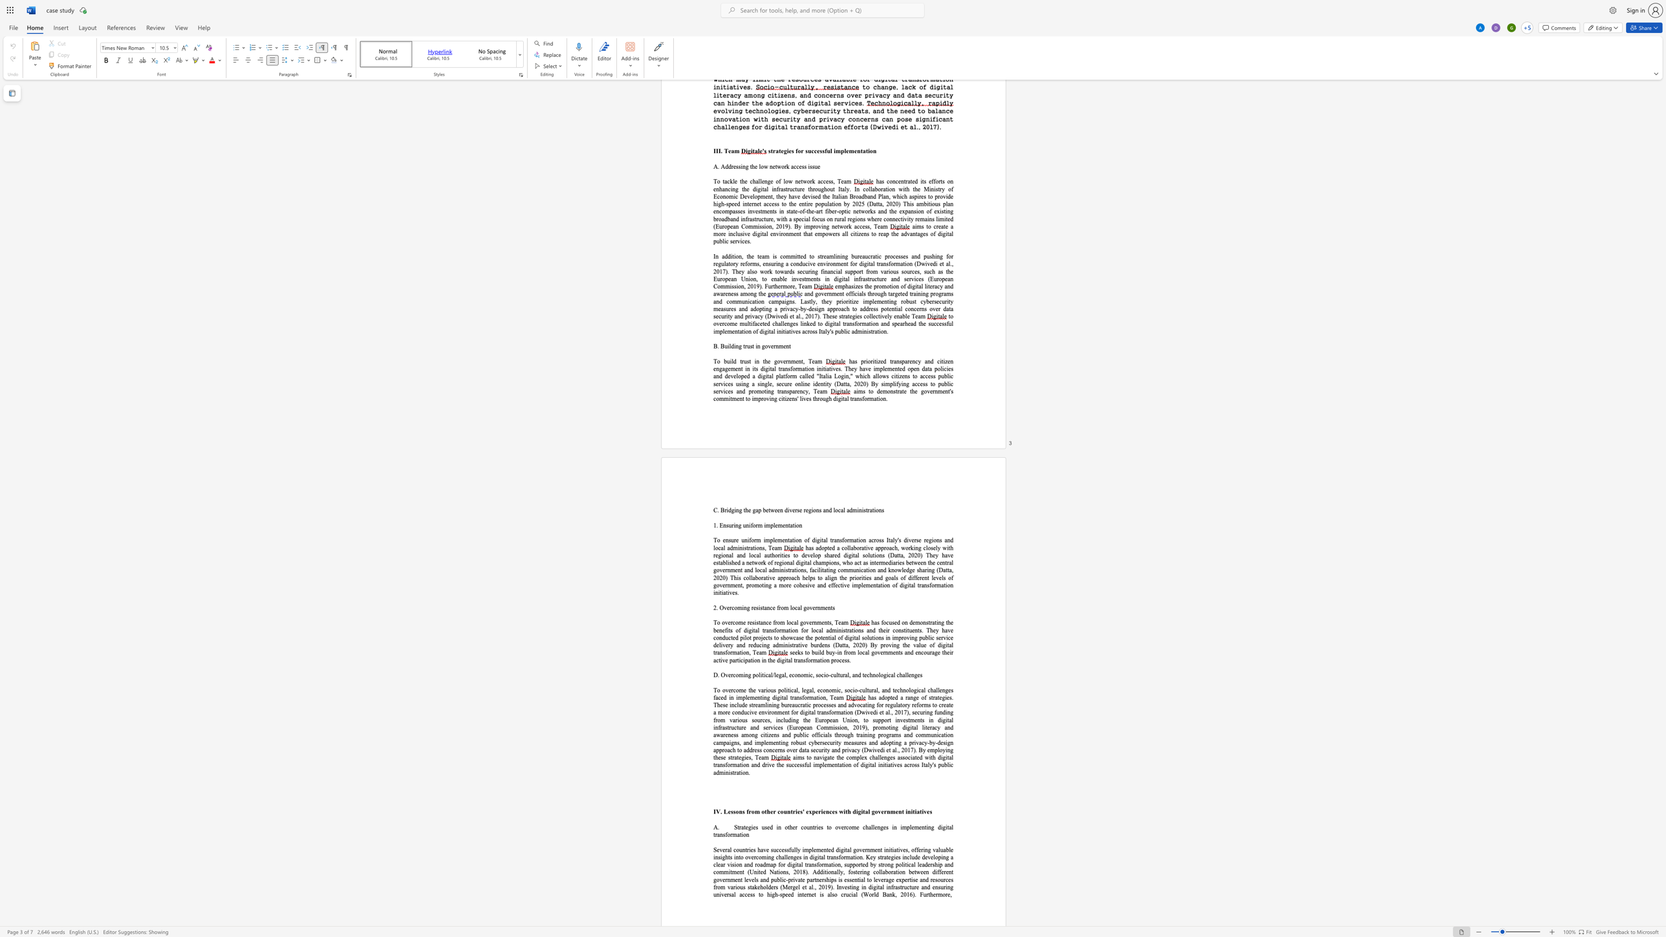 The height and width of the screenshot is (937, 1666). What do you see at coordinates (888, 621) in the screenshot?
I see `the space between the continuous character "c" and "u" in the text` at bounding box center [888, 621].